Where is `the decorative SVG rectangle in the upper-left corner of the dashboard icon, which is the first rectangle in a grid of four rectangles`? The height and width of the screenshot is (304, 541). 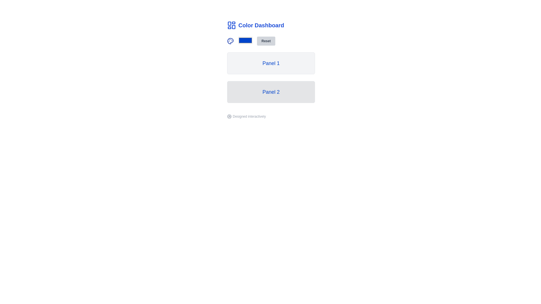 the decorative SVG rectangle in the upper-left corner of the dashboard icon, which is the first rectangle in a grid of four rectangles is located at coordinates (229, 23).